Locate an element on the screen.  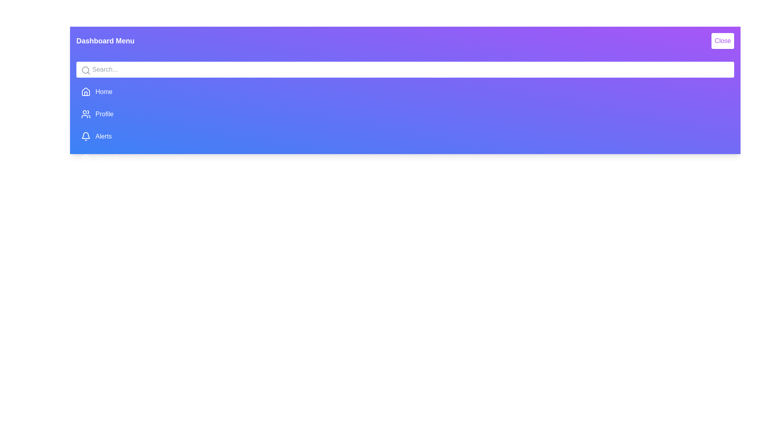
the close button located at the top-right corner of the interface is located at coordinates (723, 41).